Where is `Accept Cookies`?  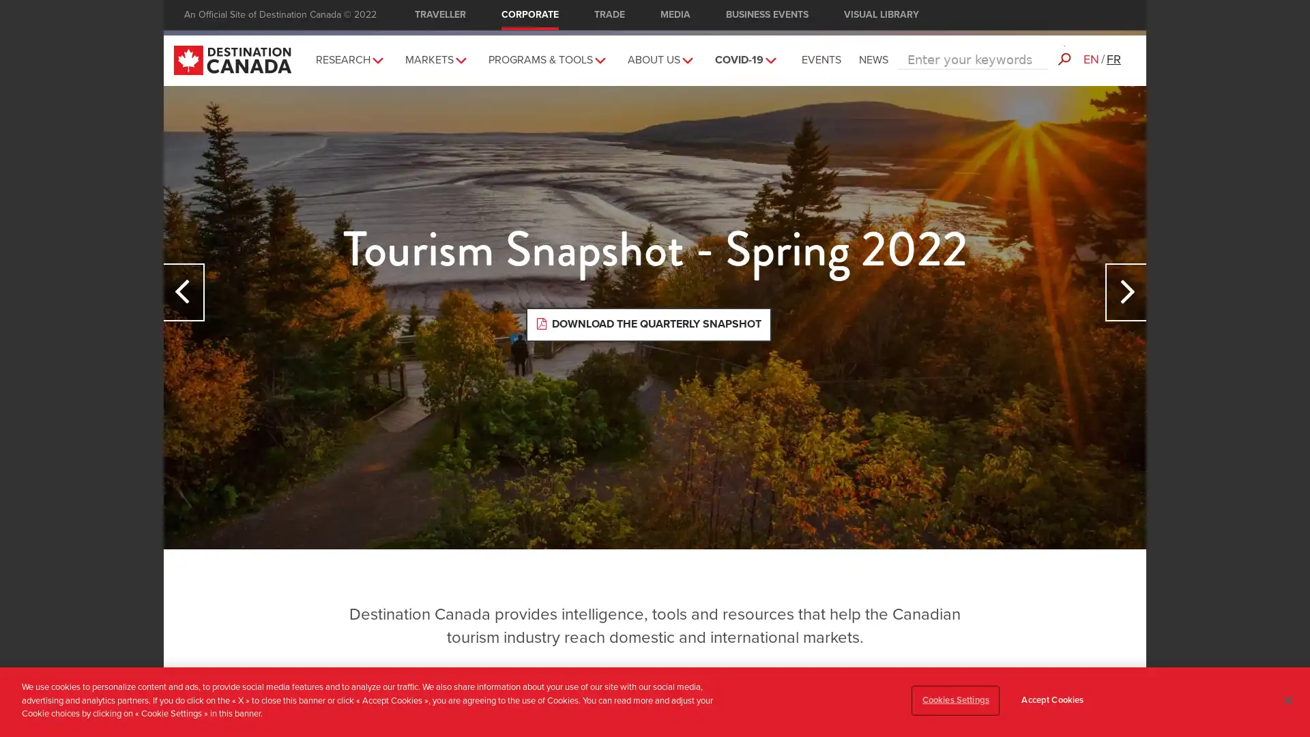
Accept Cookies is located at coordinates (1051, 700).